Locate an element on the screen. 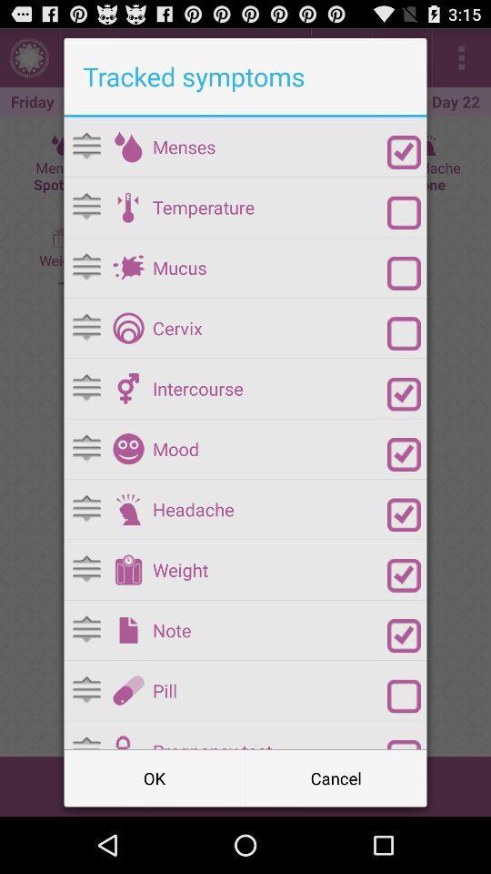 The height and width of the screenshot is (874, 491). the icon above cervix app is located at coordinates (269, 267).